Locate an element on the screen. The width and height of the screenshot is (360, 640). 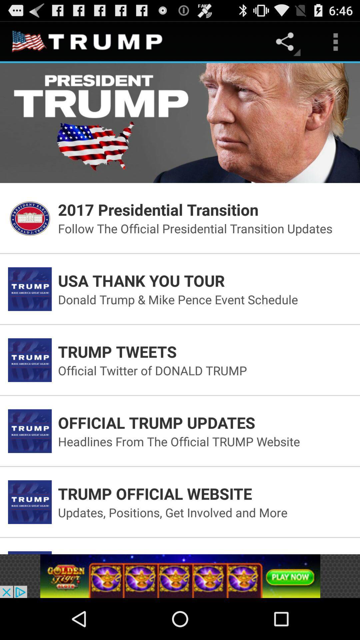
visit advertiser website is located at coordinates (180, 576).